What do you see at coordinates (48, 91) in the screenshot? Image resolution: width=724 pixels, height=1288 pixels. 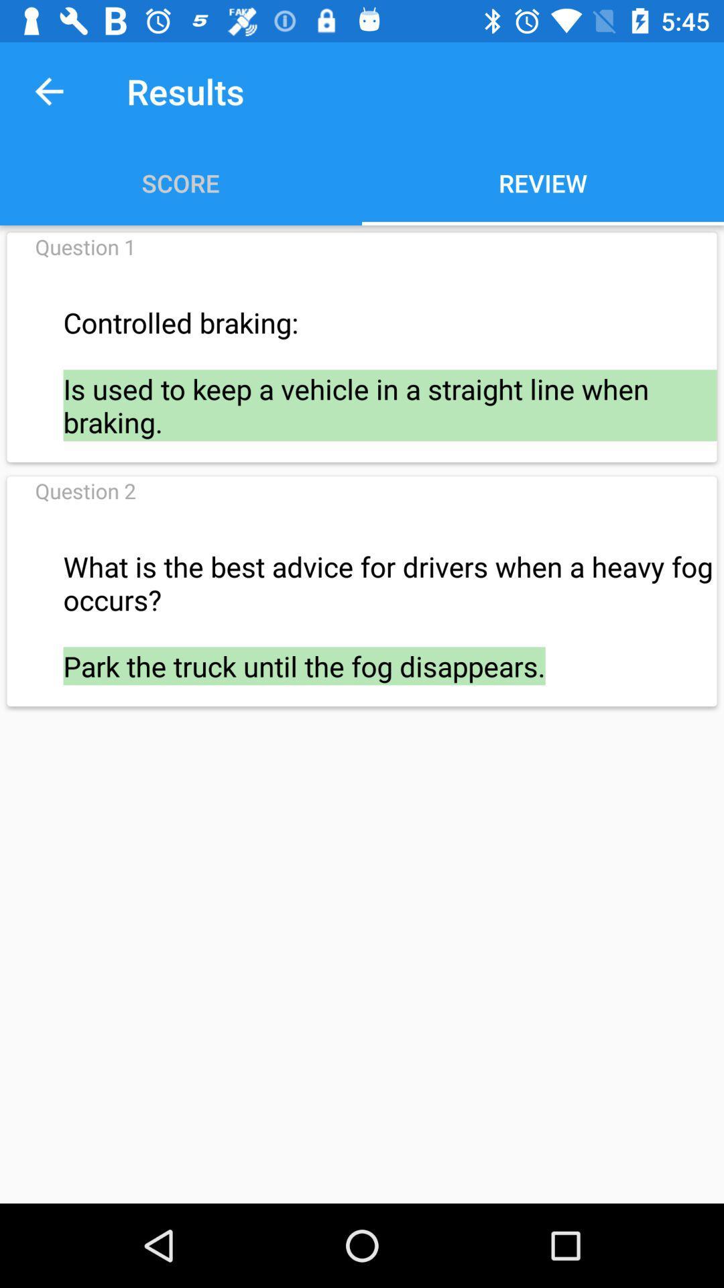 I see `item next to the results icon` at bounding box center [48, 91].